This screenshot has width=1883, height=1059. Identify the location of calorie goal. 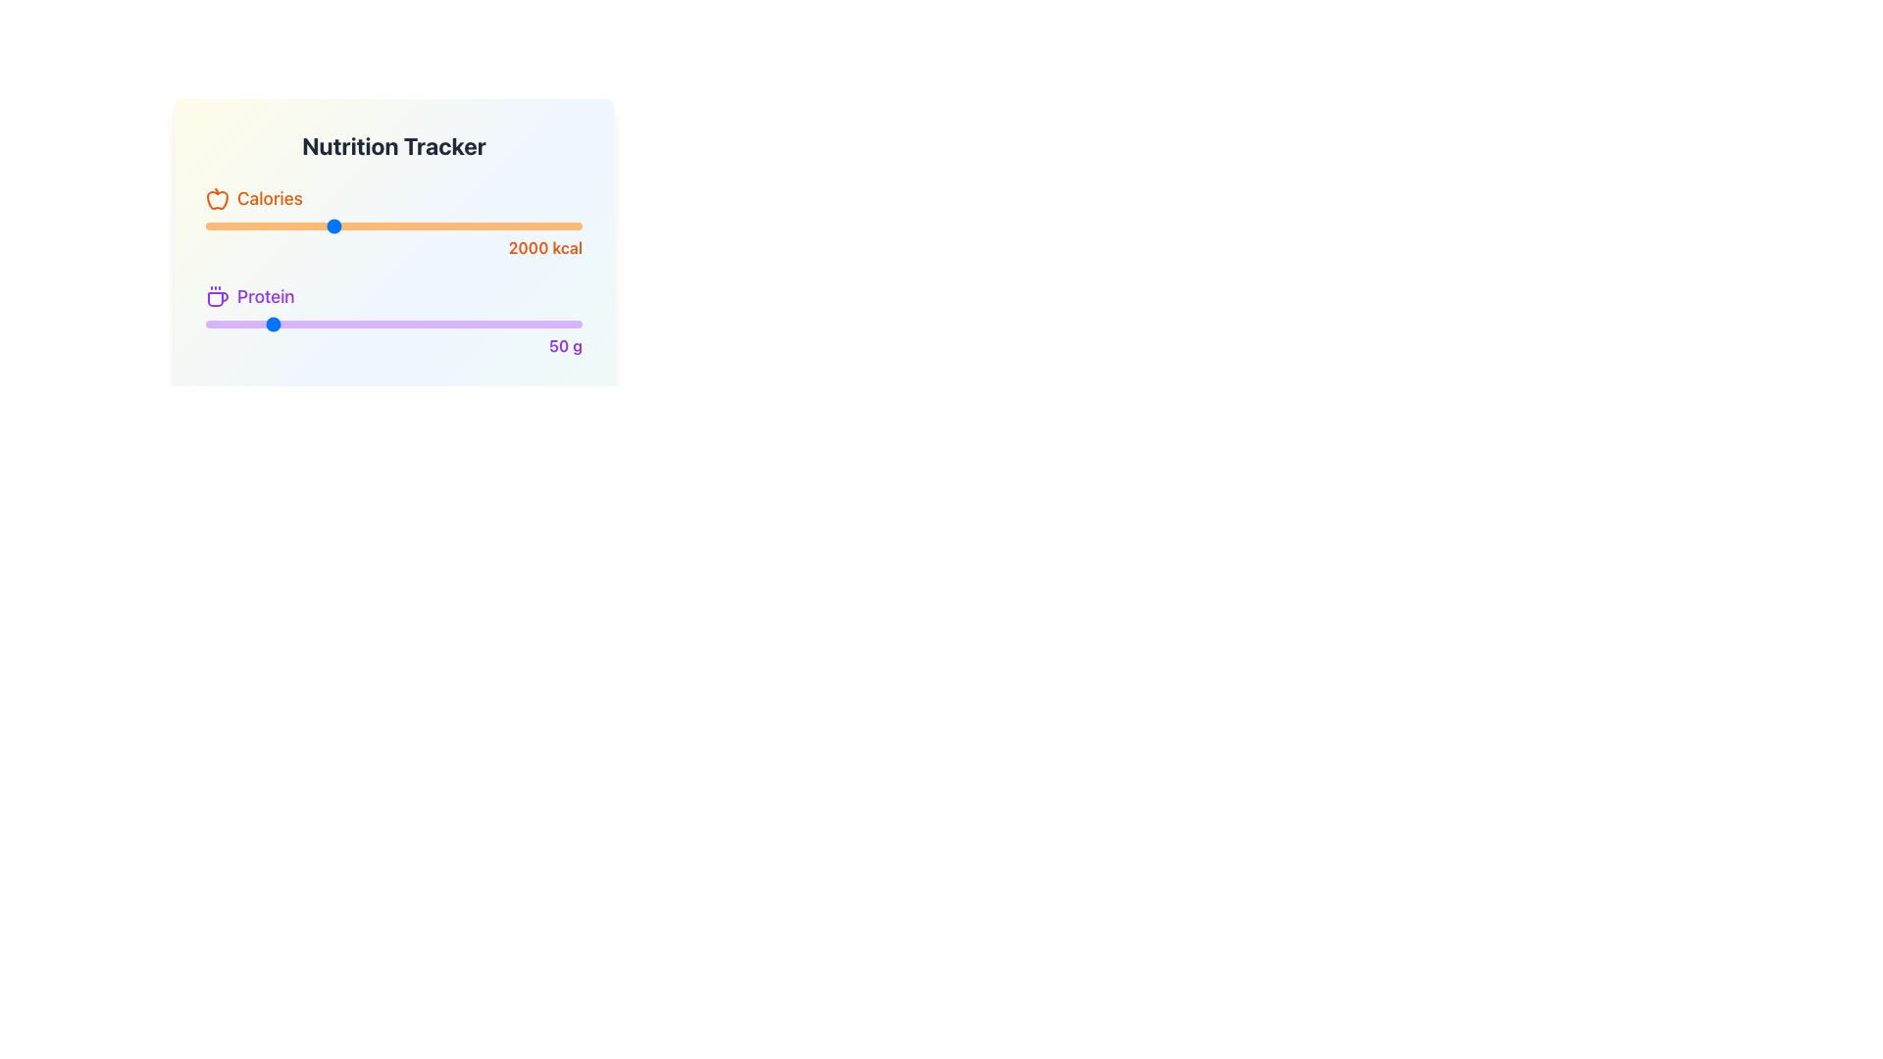
(222, 226).